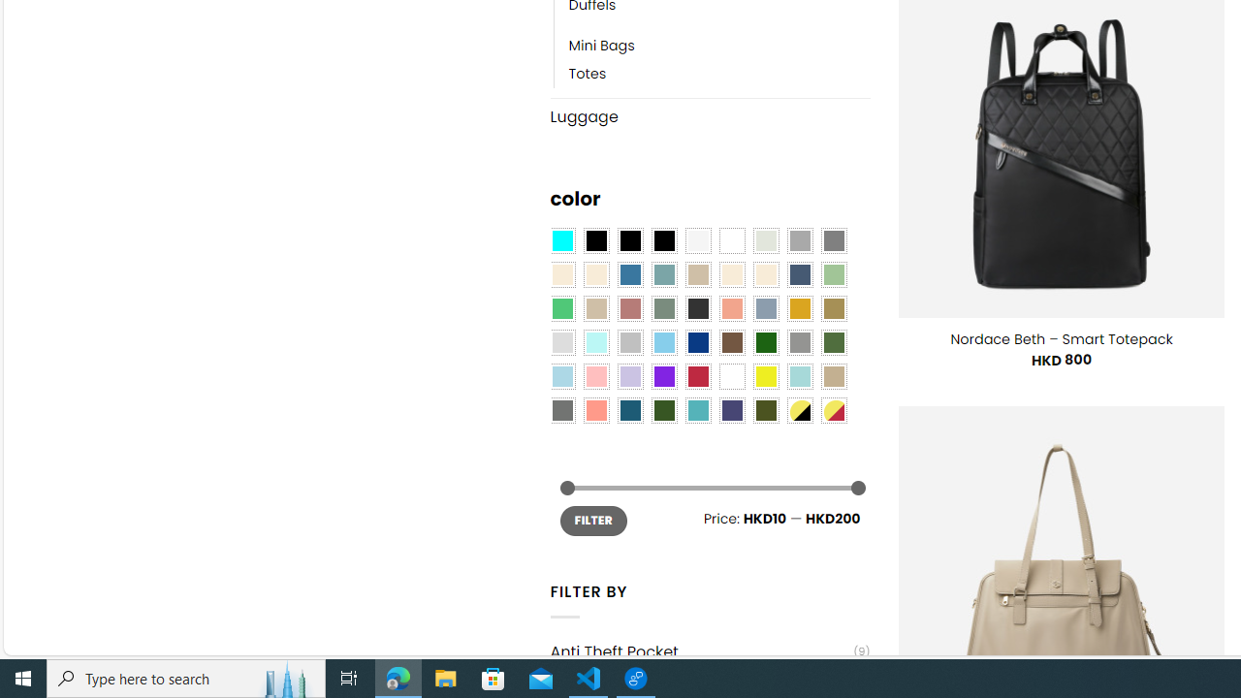 The image size is (1241, 698). Describe the element at coordinates (834, 410) in the screenshot. I see `'Yellow-Red'` at that location.